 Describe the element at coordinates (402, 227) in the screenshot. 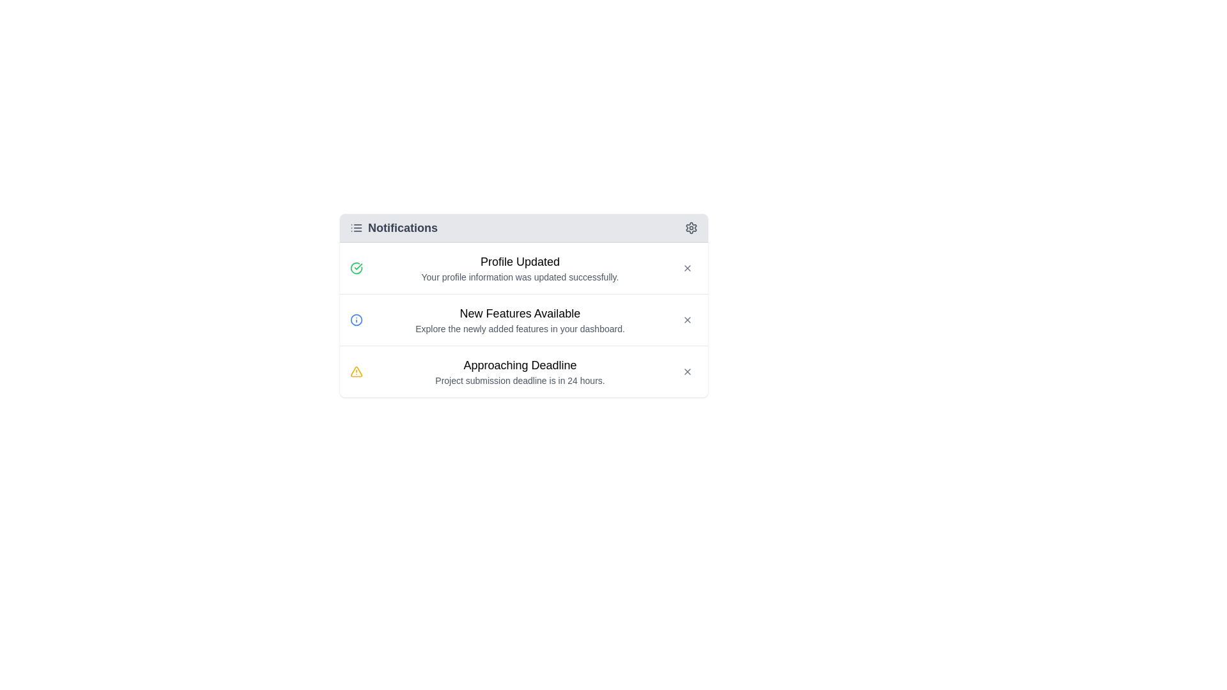

I see `the 'Notifications' static text element, which is displayed in a bold and prominent font style within the header bar` at that location.